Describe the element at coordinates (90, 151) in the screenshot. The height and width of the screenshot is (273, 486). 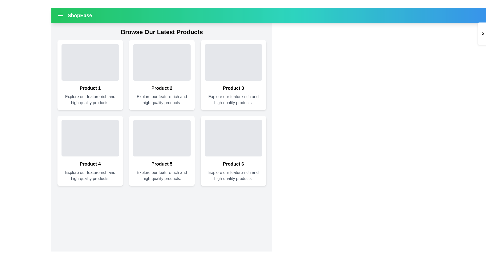
I see `the Informational card for 'Product 4', located in the bottom-left corner of the grid, adjacent to 'Product 3' above and 'Product 5' to the right` at that location.